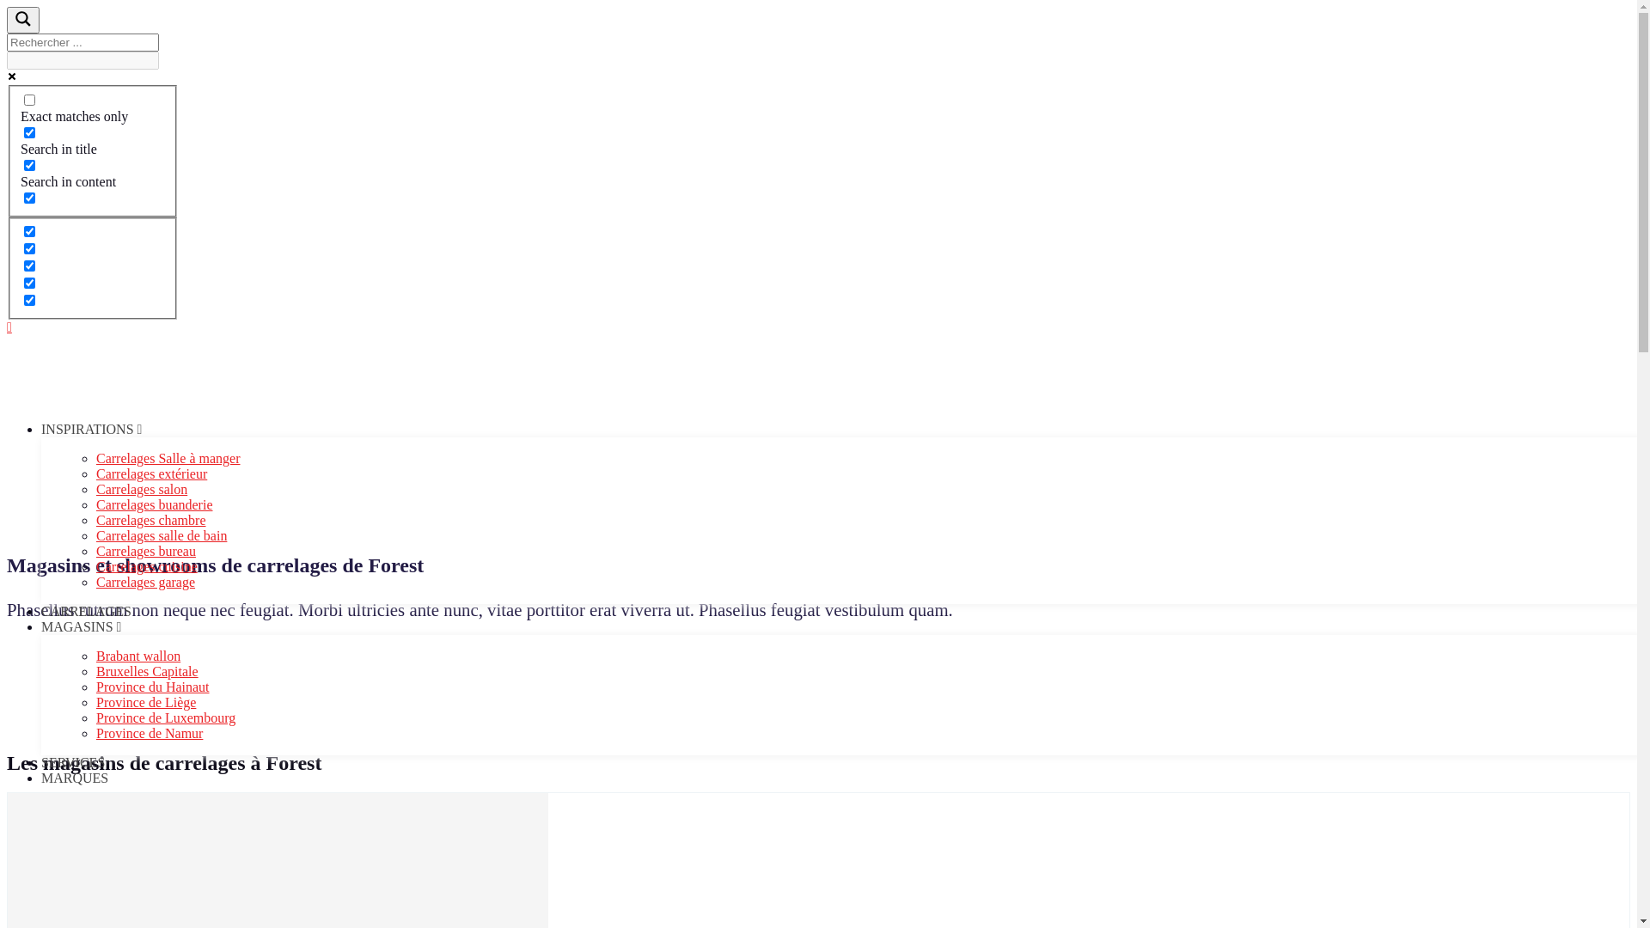 The image size is (1650, 928). What do you see at coordinates (138, 656) in the screenshot?
I see `'Brabant wallon'` at bounding box center [138, 656].